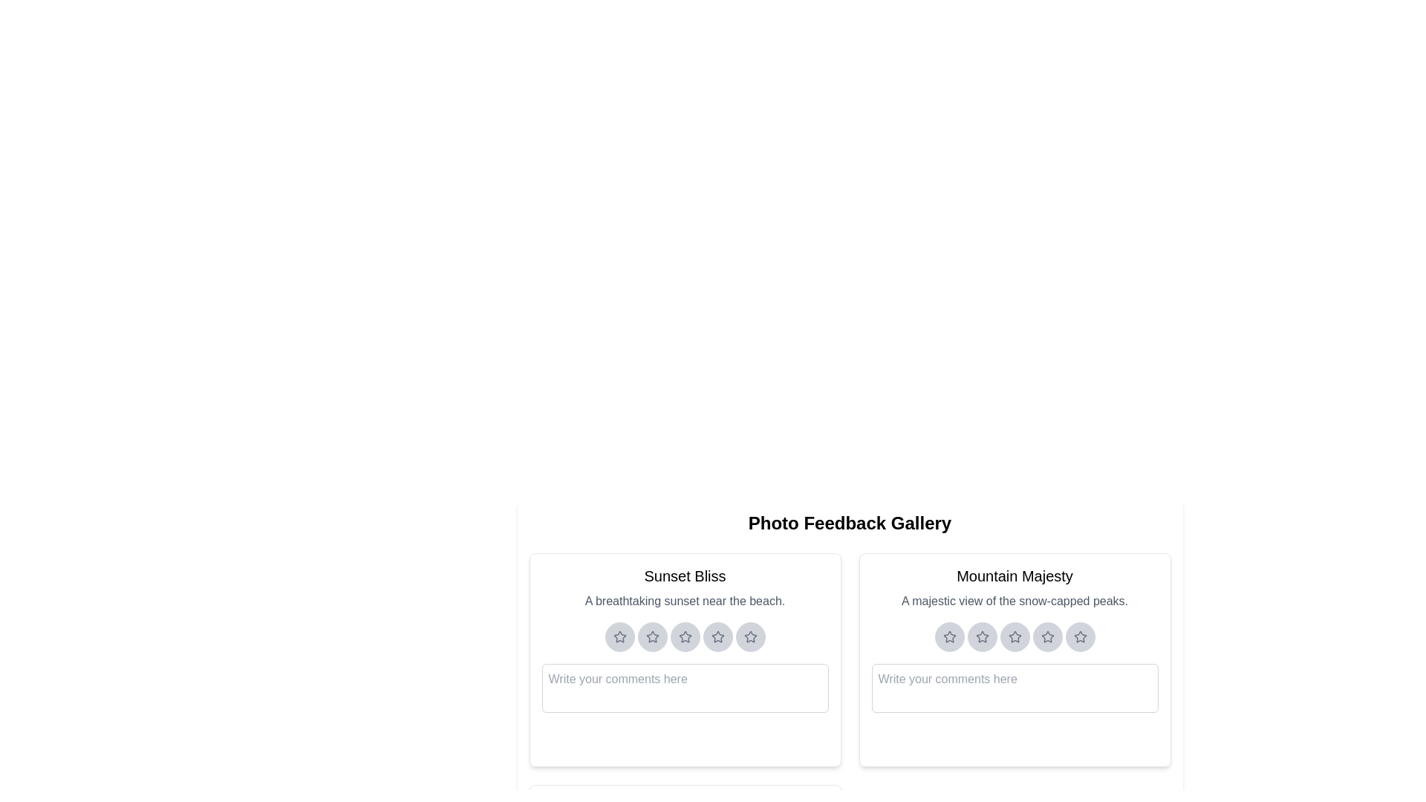  I want to click on the second rating button in the horizontal row of five buttons for the 'Sunset Bliss' content, so click(652, 636).